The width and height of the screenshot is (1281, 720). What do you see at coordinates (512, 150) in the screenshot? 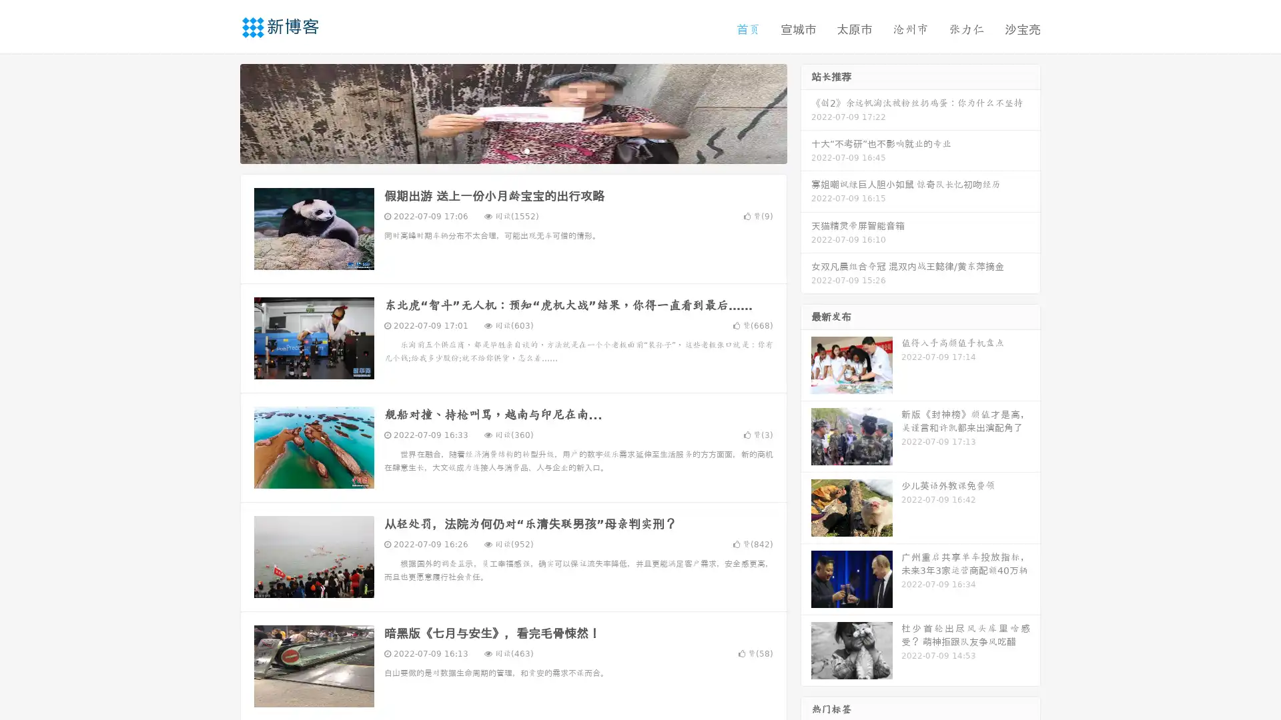
I see `Go to slide 2` at bounding box center [512, 150].